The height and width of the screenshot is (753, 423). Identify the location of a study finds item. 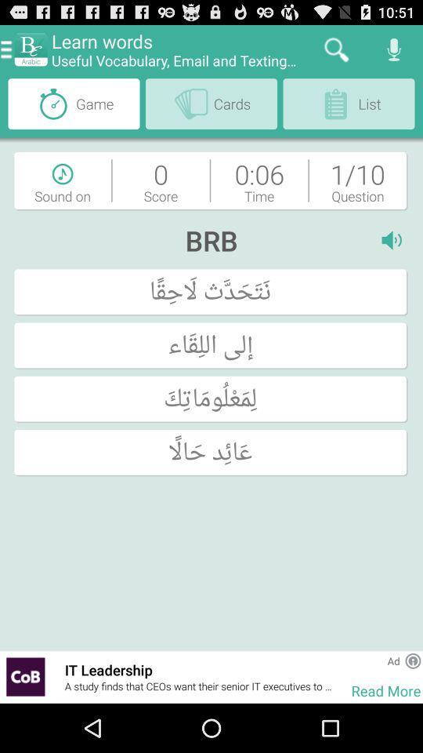
(200, 686).